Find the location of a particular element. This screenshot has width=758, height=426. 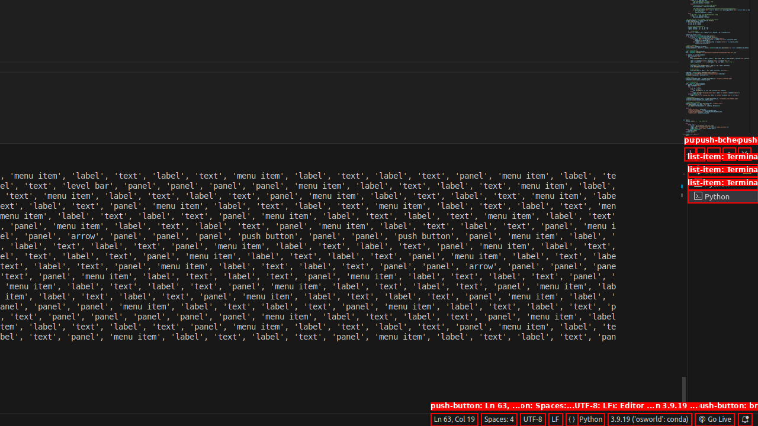

'broadcast Go Live, Click to run live server' is located at coordinates (714, 418).